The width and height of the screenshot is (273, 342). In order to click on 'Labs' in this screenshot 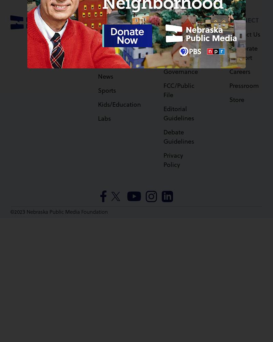, I will do `click(103, 117)`.